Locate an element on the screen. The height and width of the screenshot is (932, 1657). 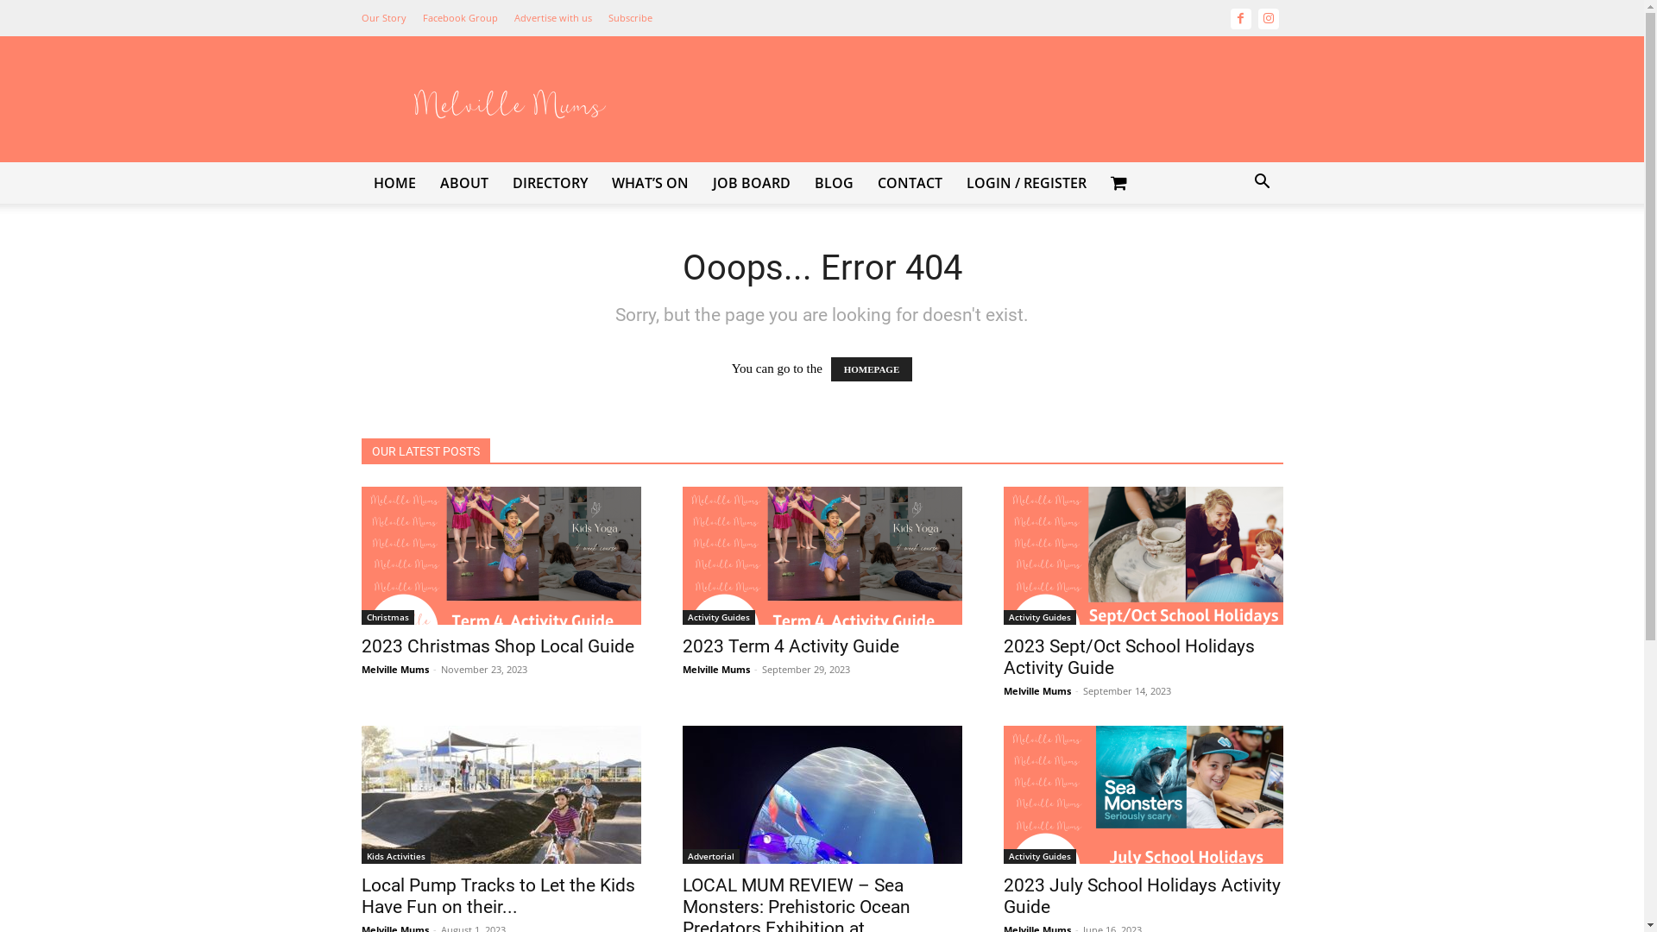
'Activity Guides' is located at coordinates (717, 616).